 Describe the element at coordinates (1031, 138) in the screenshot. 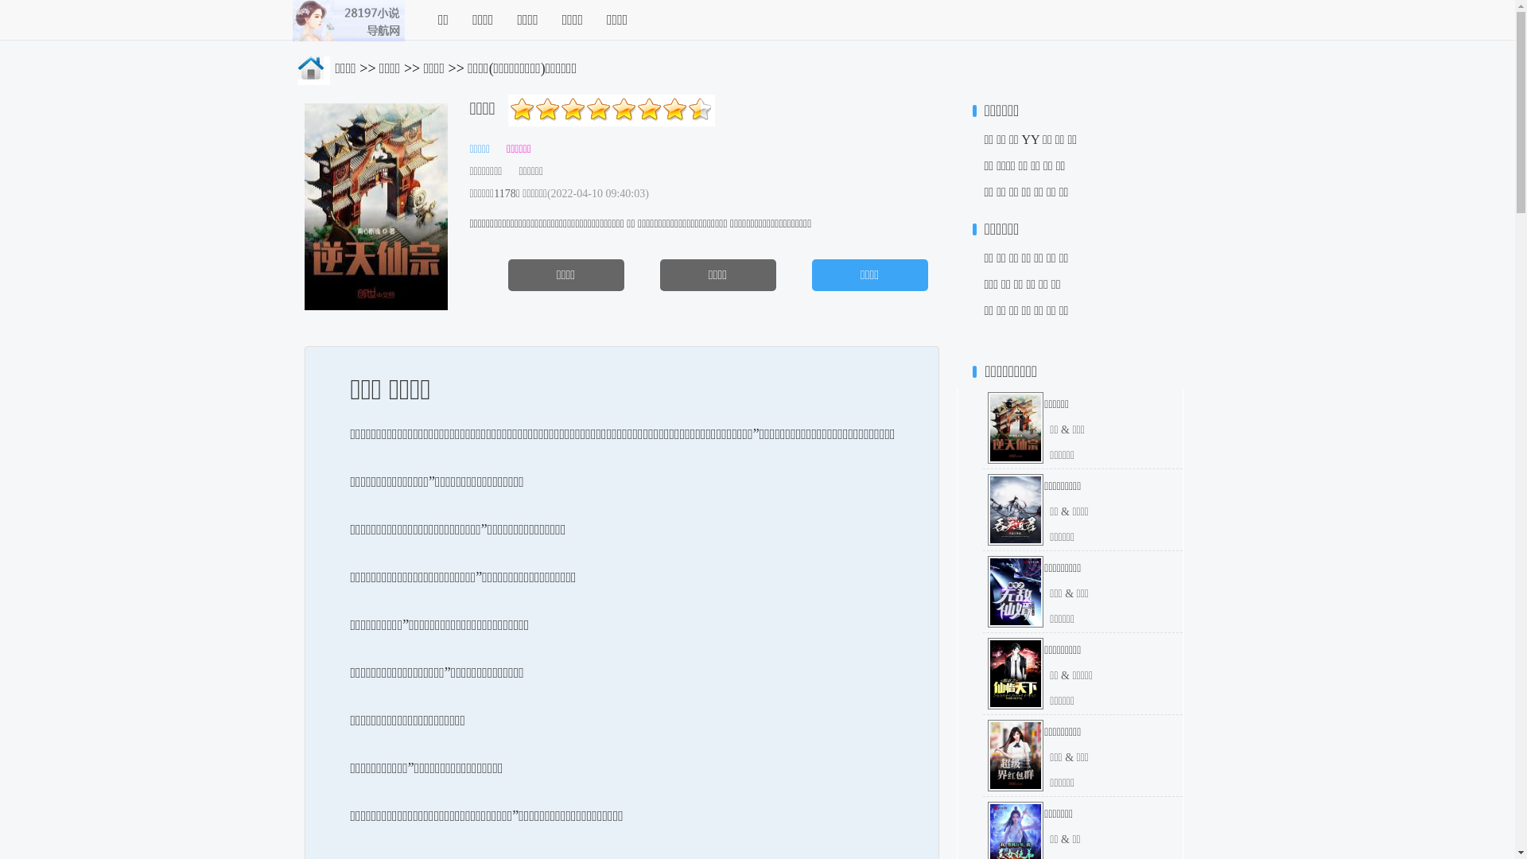

I see `'YY'` at that location.